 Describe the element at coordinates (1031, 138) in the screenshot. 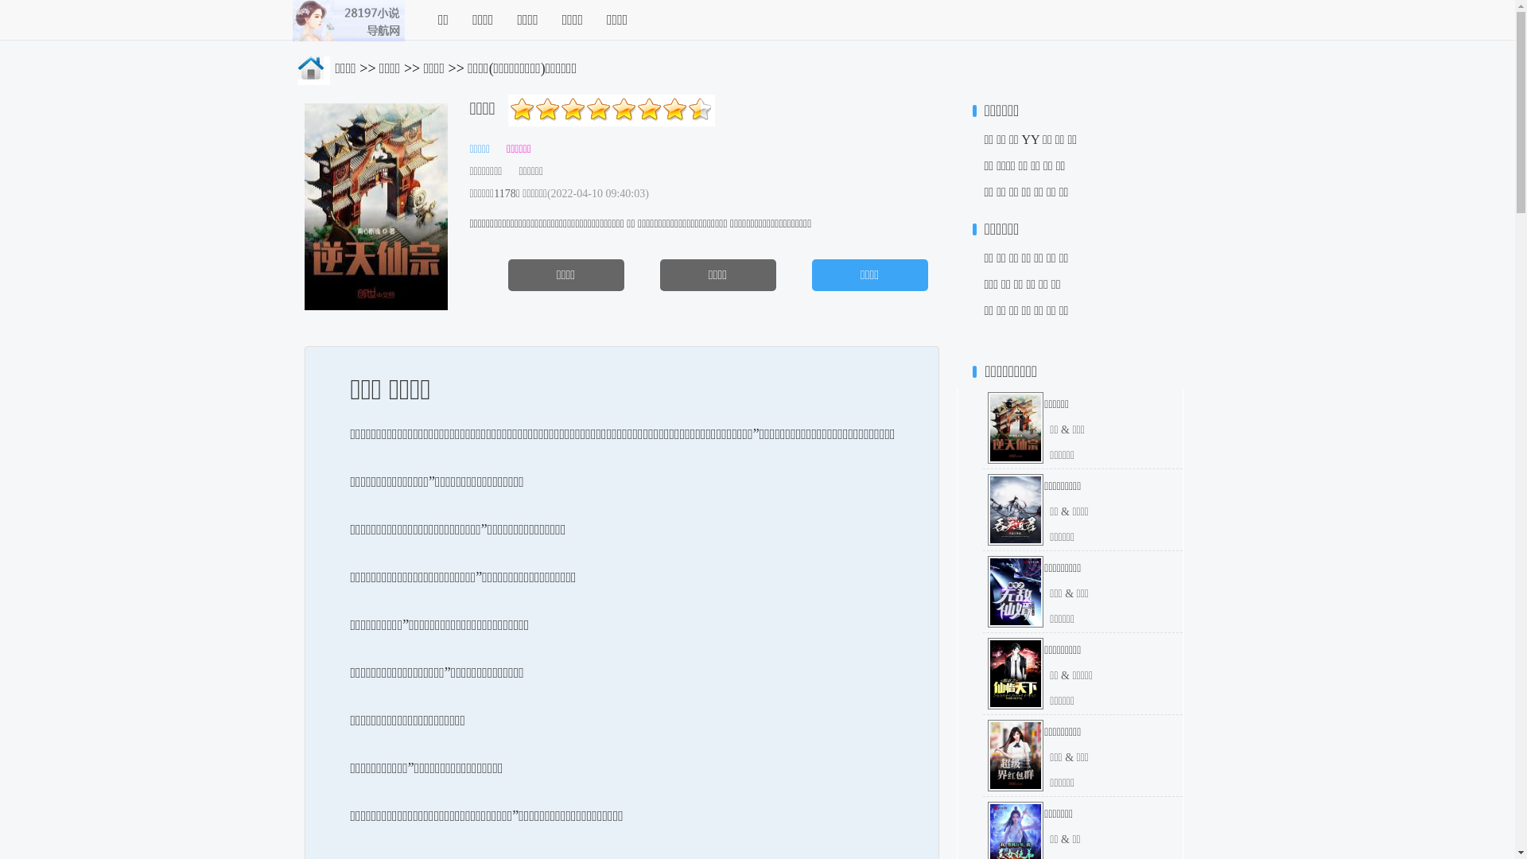

I see `'YY'` at that location.